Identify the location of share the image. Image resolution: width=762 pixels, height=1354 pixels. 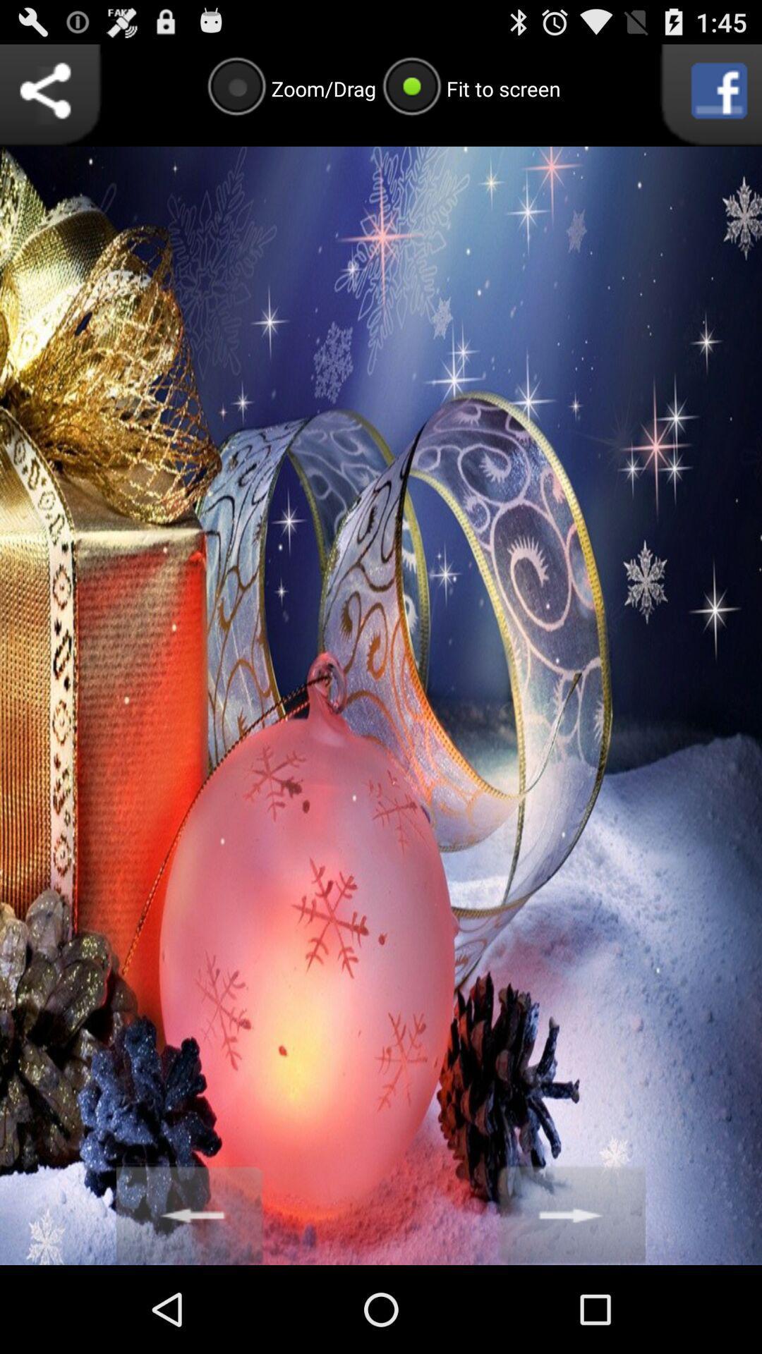
(50, 94).